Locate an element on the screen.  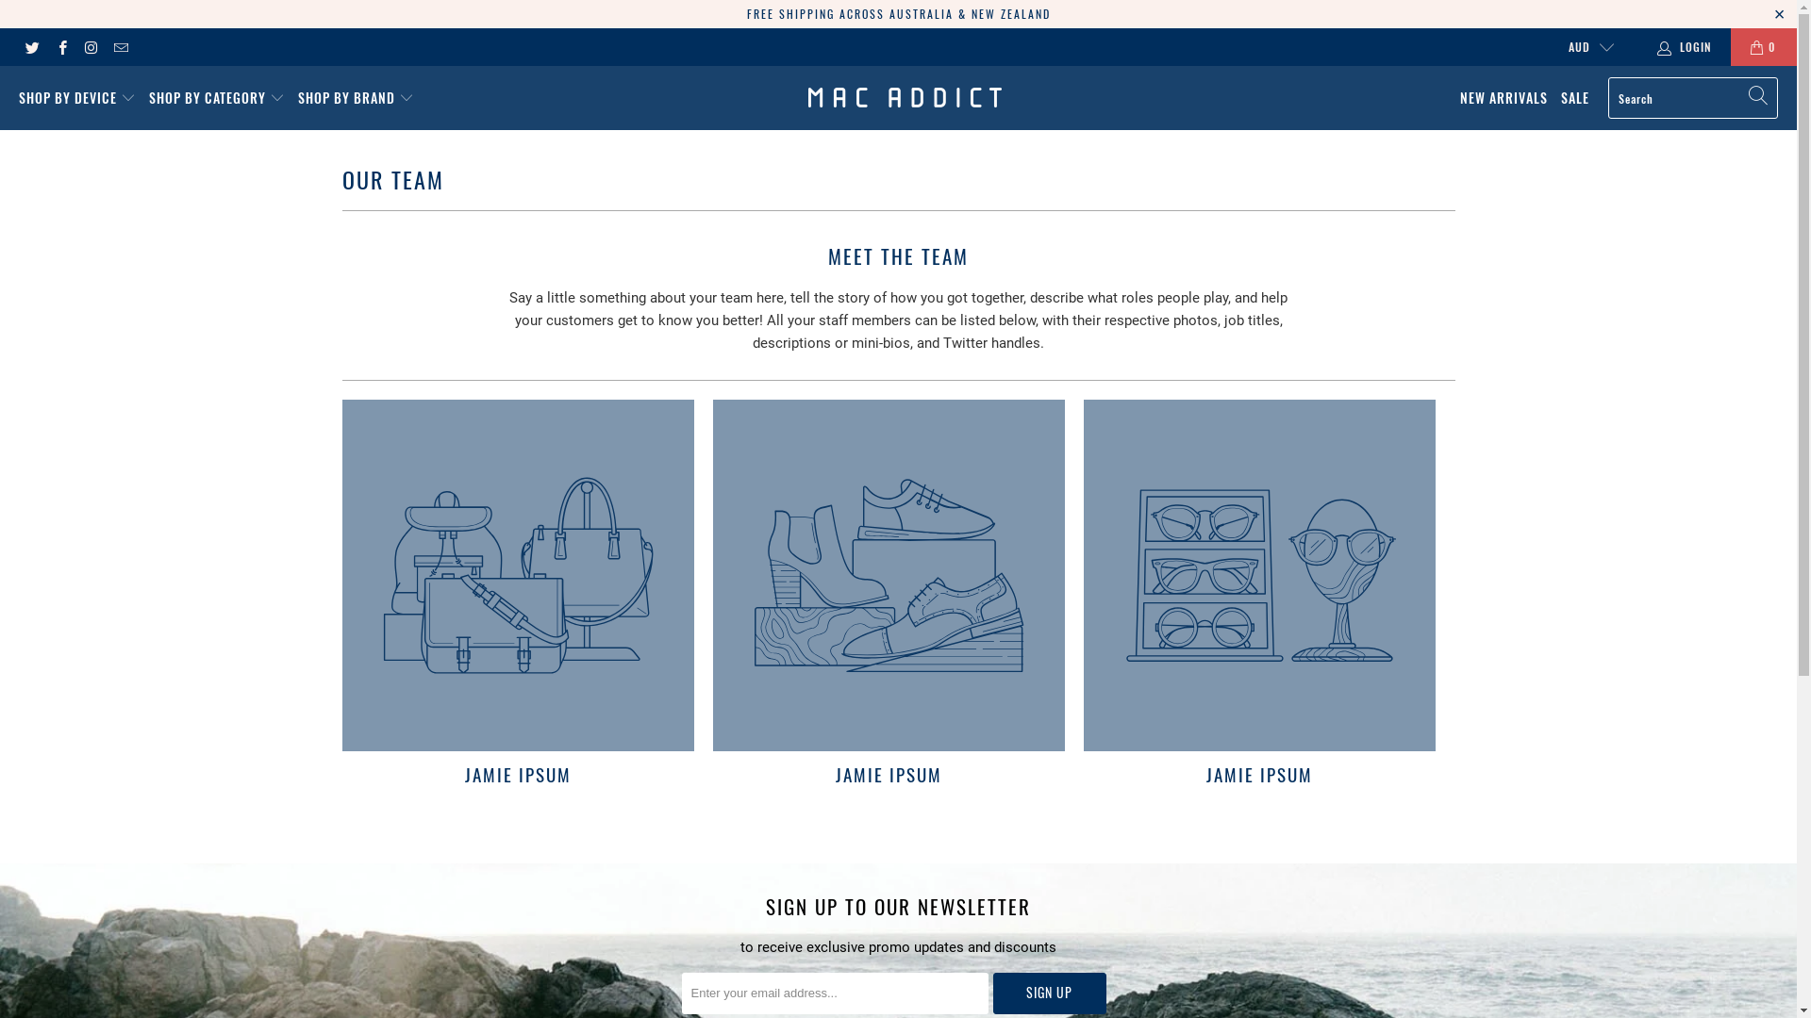
'SHOP BY DEVICE' is located at coordinates (75, 98).